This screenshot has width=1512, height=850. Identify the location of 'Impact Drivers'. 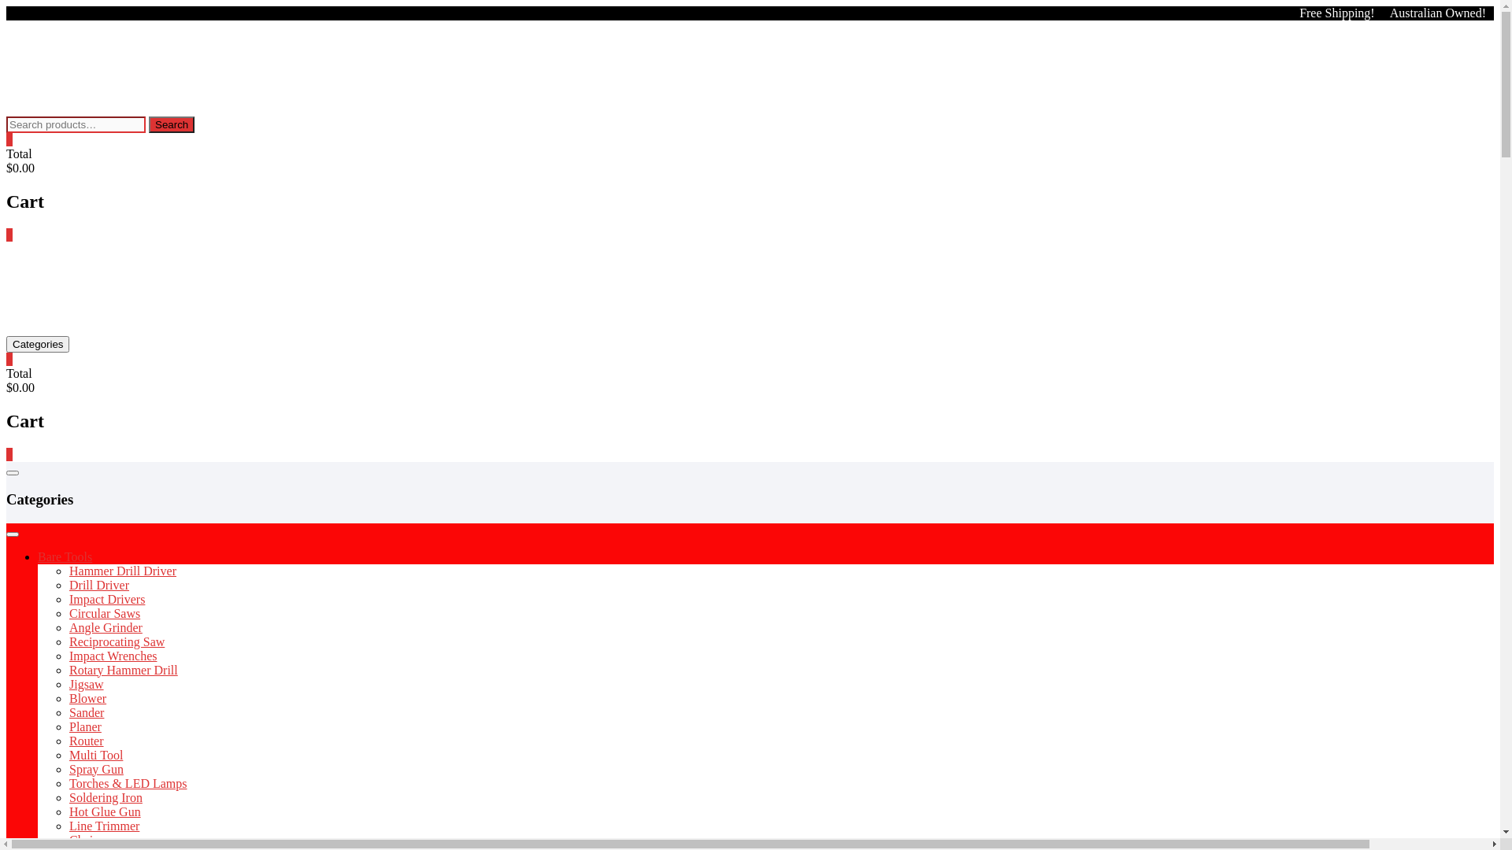
(106, 599).